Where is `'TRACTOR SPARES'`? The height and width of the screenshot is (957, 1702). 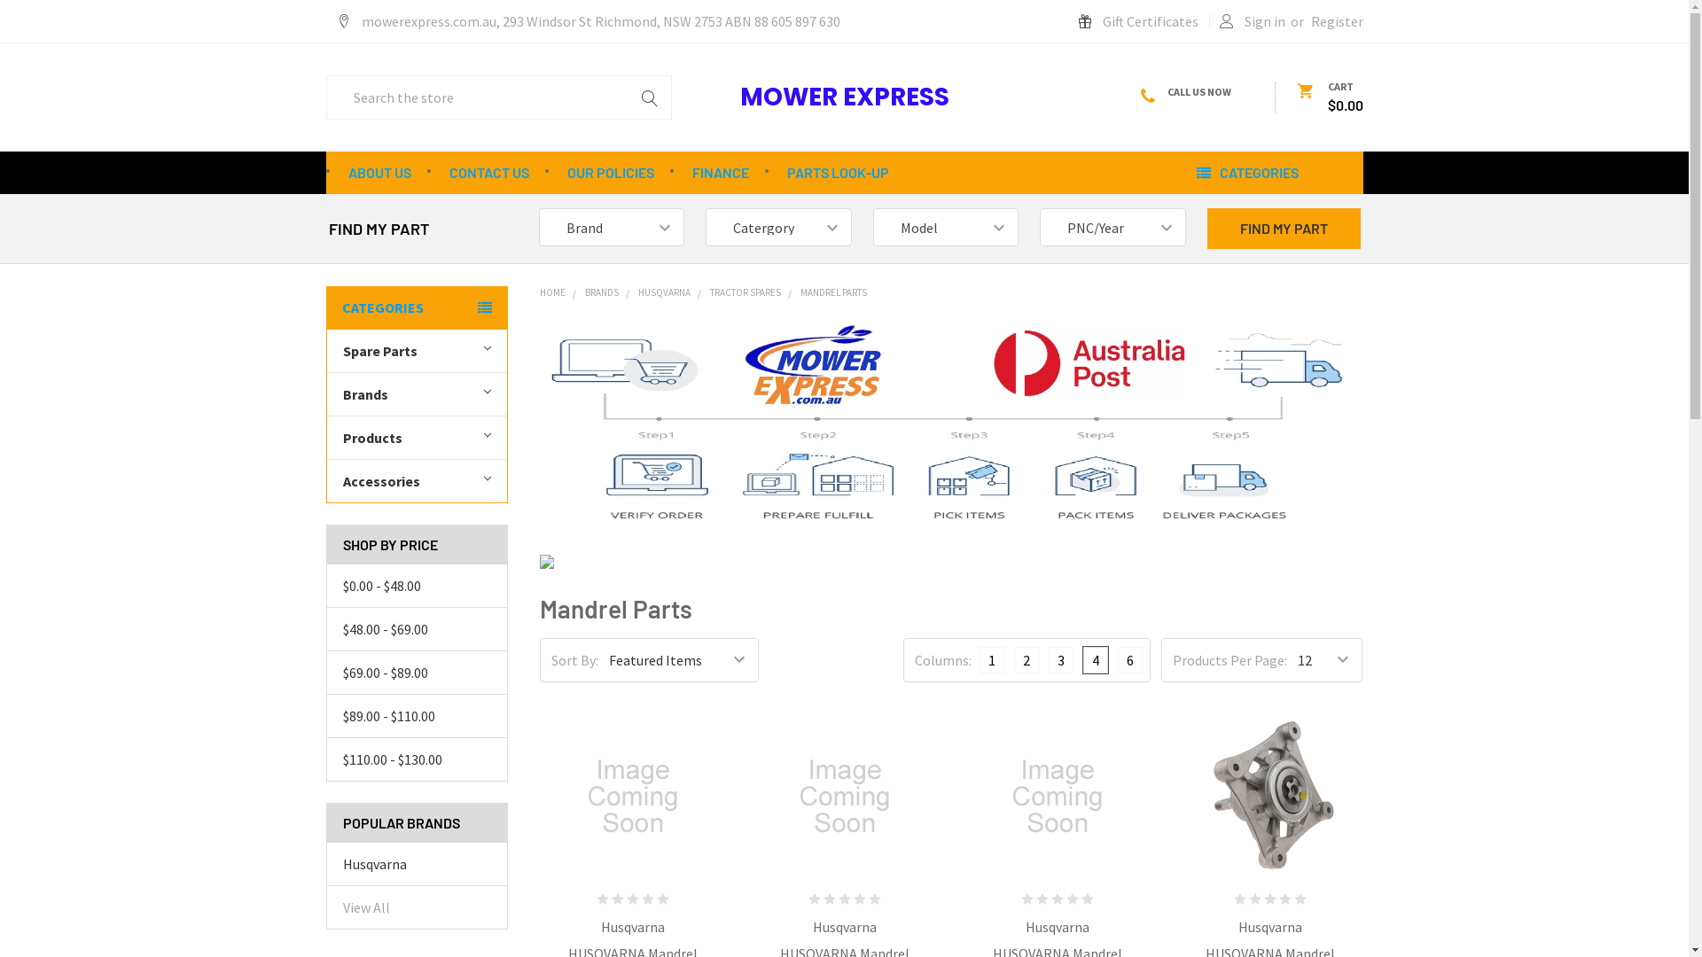 'TRACTOR SPARES' is located at coordinates (745, 292).